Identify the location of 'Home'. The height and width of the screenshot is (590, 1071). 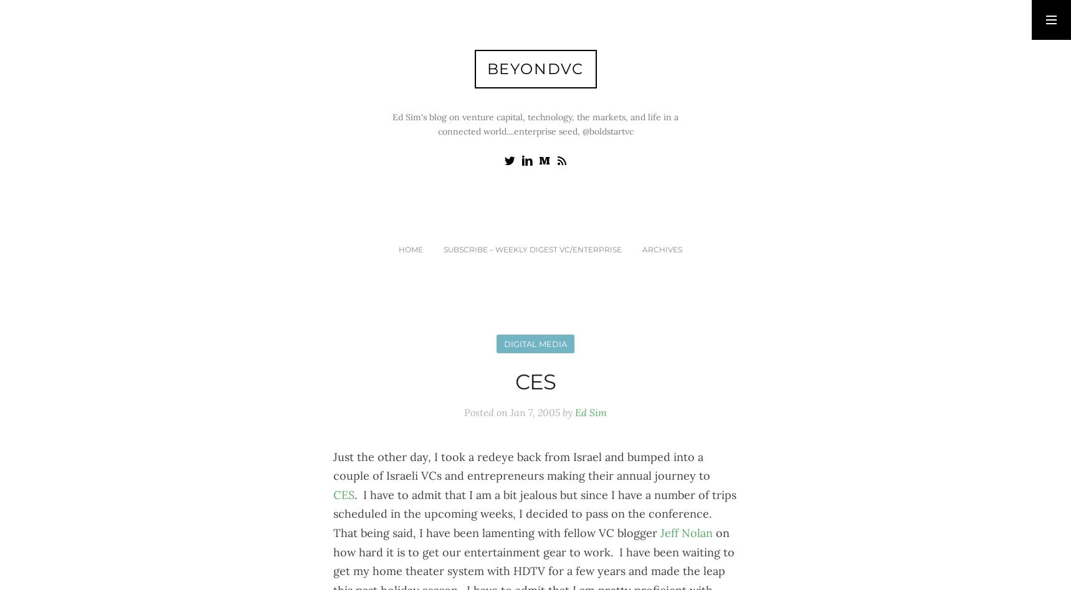
(409, 249).